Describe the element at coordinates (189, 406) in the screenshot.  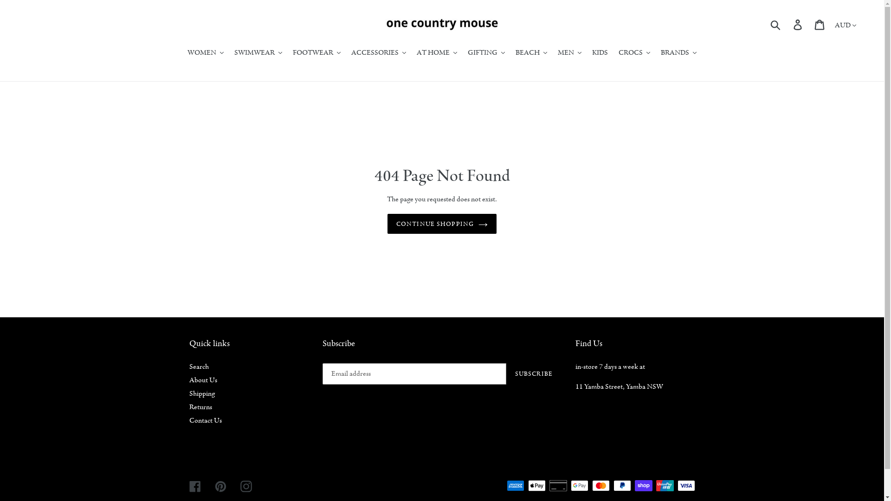
I see `'Returns'` at that location.